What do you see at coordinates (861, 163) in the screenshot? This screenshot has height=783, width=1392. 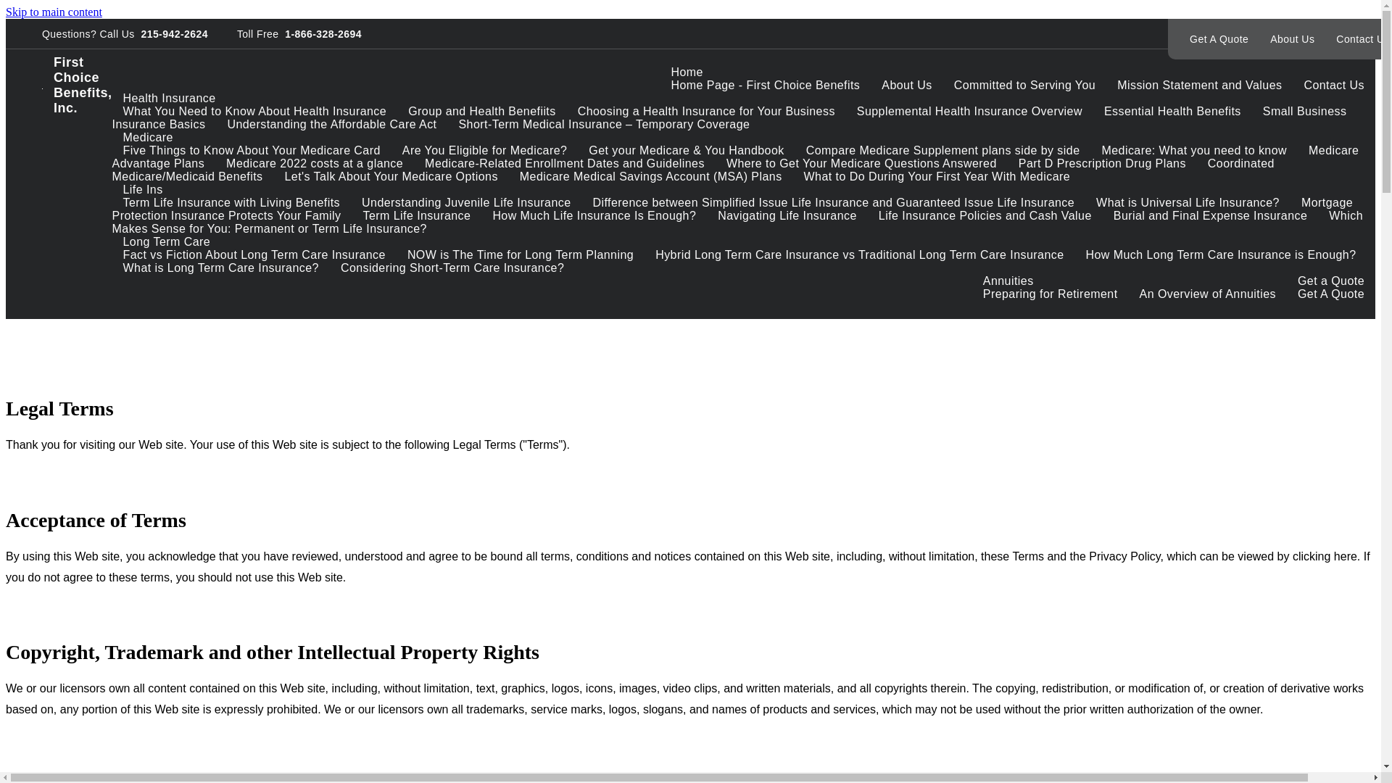 I see `'Where to Get Your Medicare Questions Answered'` at bounding box center [861, 163].